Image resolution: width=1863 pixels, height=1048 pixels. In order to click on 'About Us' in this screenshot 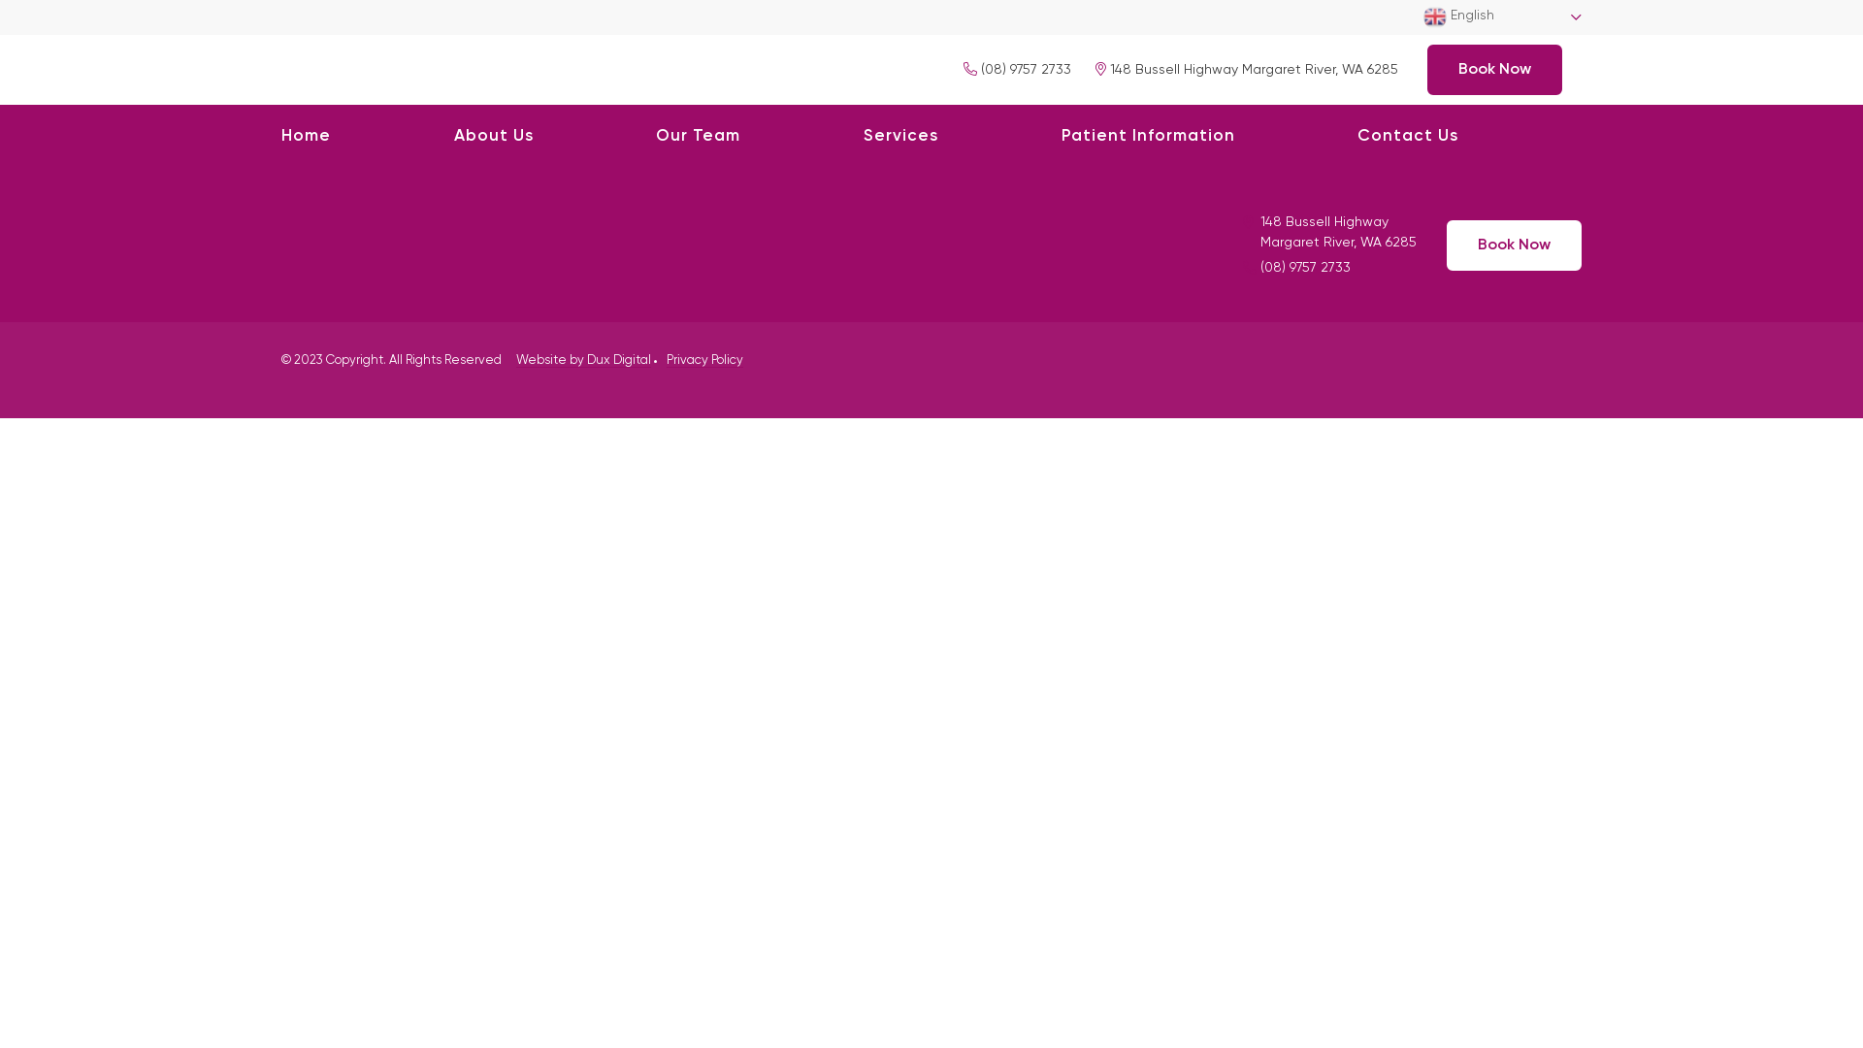, I will do `click(493, 136)`.